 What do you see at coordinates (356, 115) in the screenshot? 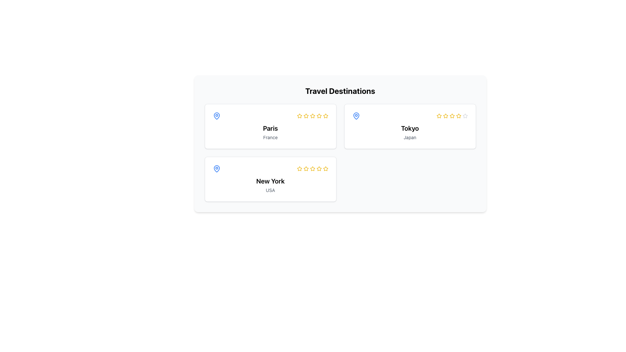
I see `the blue map pin icon located within the 'Tokyo' card in the 'Travel Destinations' section` at bounding box center [356, 115].